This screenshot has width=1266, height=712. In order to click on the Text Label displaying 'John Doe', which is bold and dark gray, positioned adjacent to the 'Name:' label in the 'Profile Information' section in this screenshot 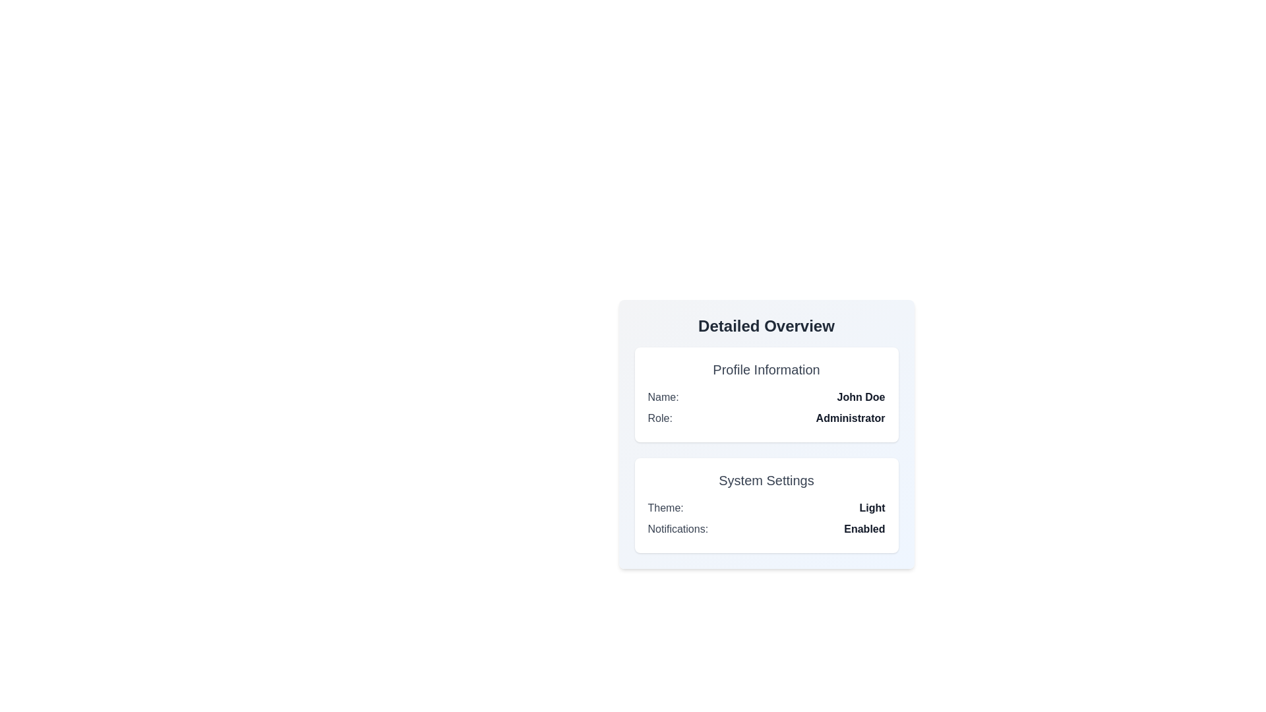, I will do `click(860, 396)`.